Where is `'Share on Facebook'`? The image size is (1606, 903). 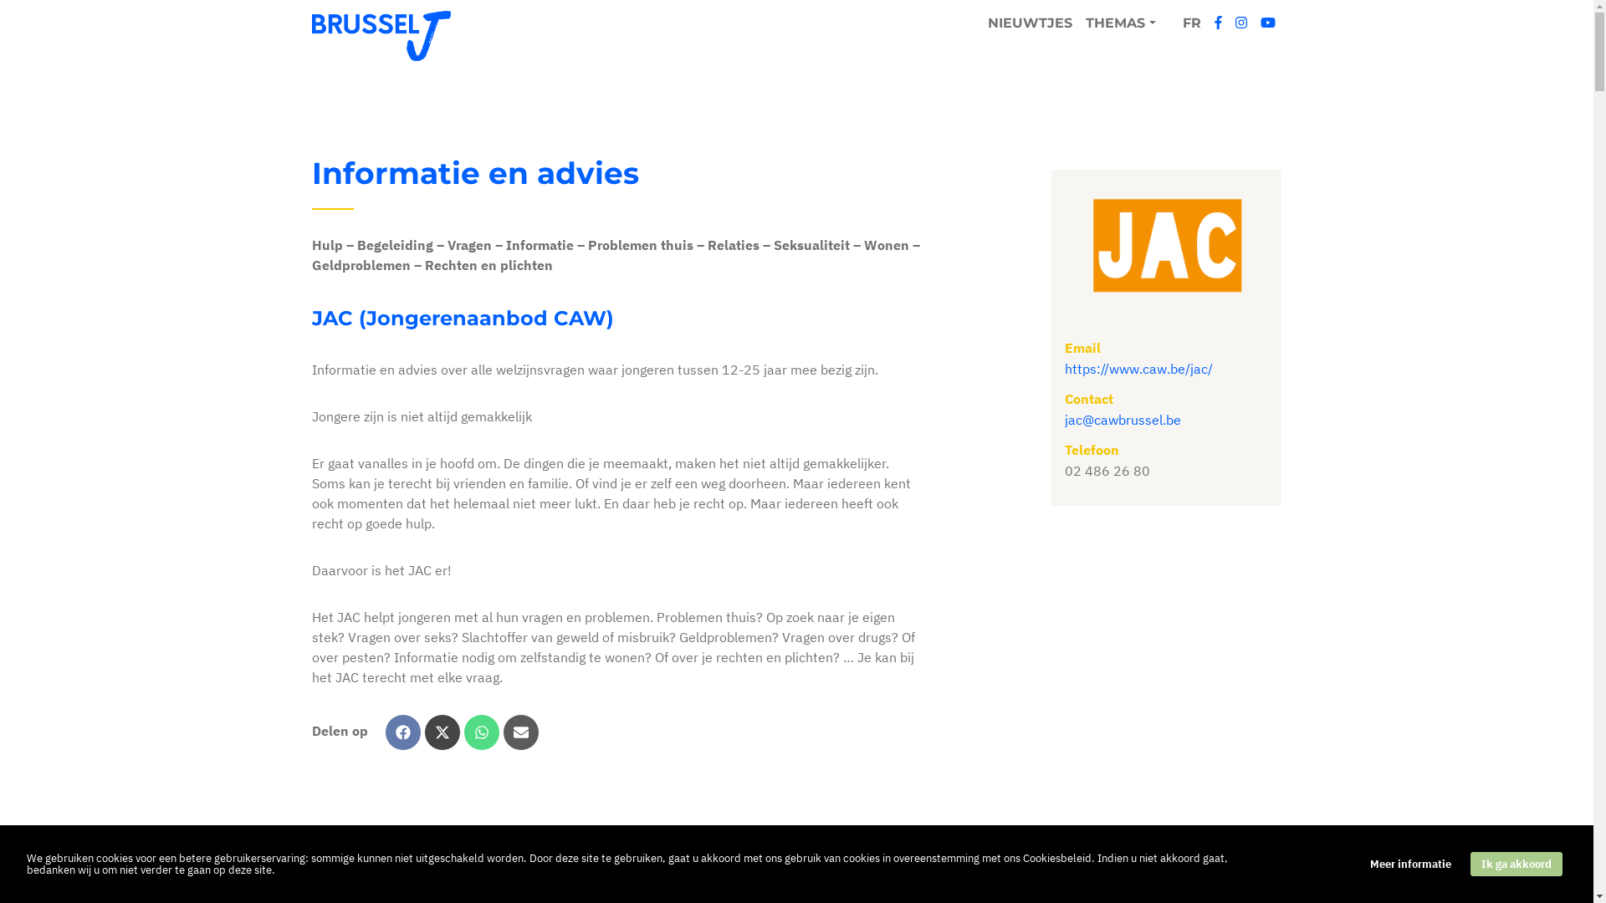
'Share on Facebook' is located at coordinates (402, 731).